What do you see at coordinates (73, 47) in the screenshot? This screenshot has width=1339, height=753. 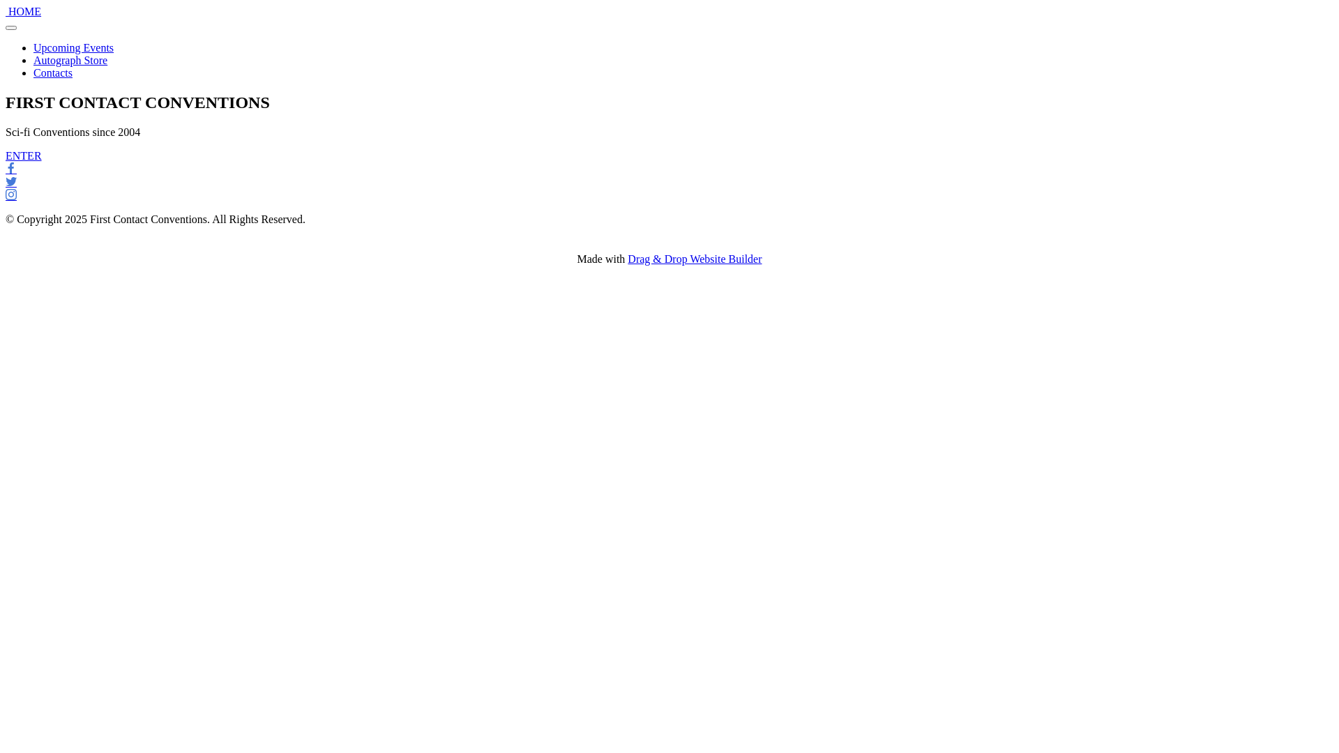 I see `'Upcoming Events'` at bounding box center [73, 47].